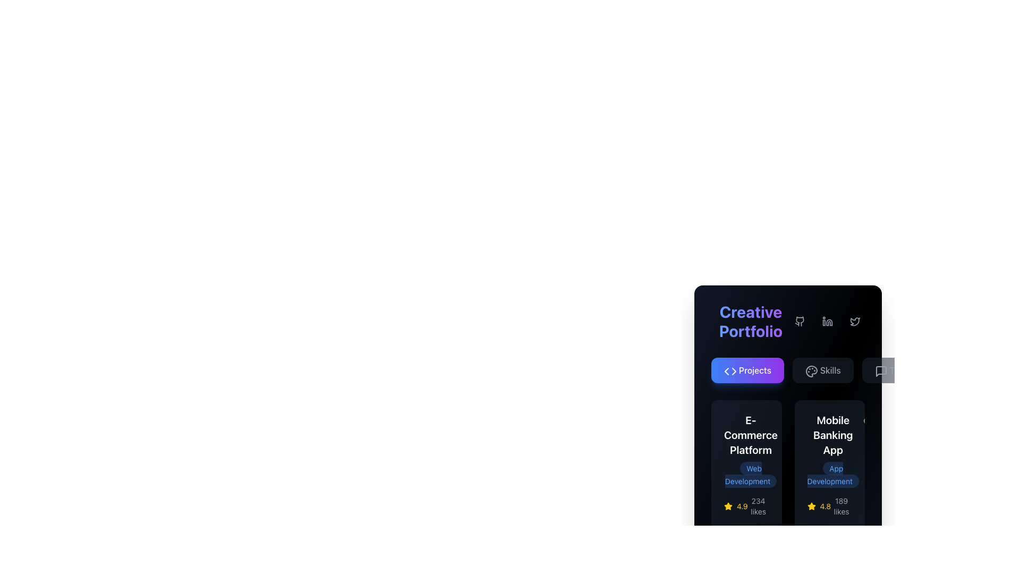  Describe the element at coordinates (750, 474) in the screenshot. I see `the rounded badge with the text 'Web Development', which is located below the heading 'E-Commerce Platform' in the vertical card layout` at that location.